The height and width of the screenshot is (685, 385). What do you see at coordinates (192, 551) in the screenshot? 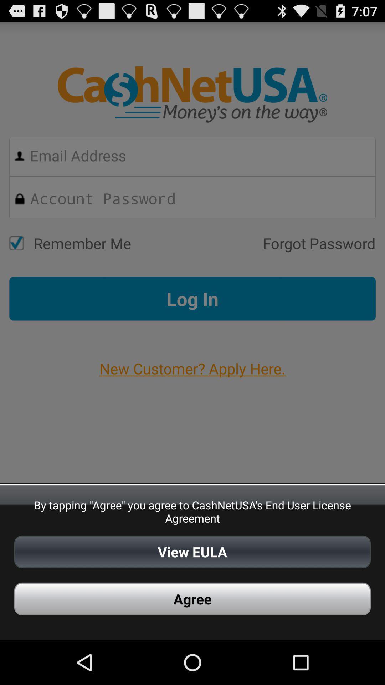
I see `view eula` at bounding box center [192, 551].